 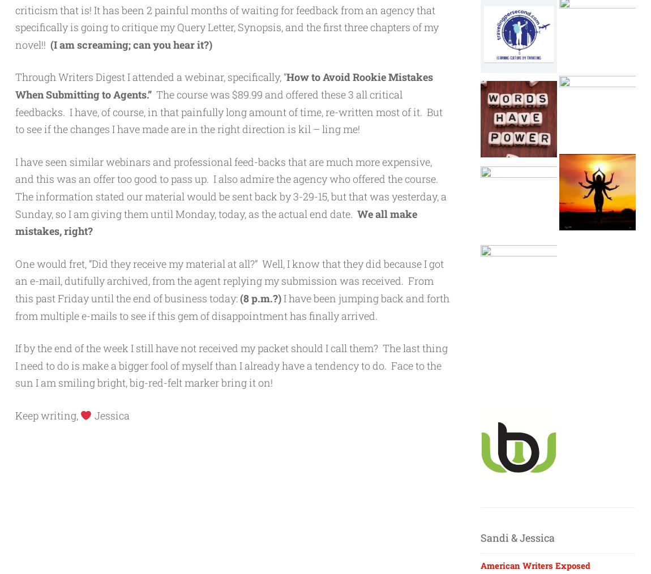 I want to click on '(I am screaming; can you hear it?)', so click(x=130, y=43).